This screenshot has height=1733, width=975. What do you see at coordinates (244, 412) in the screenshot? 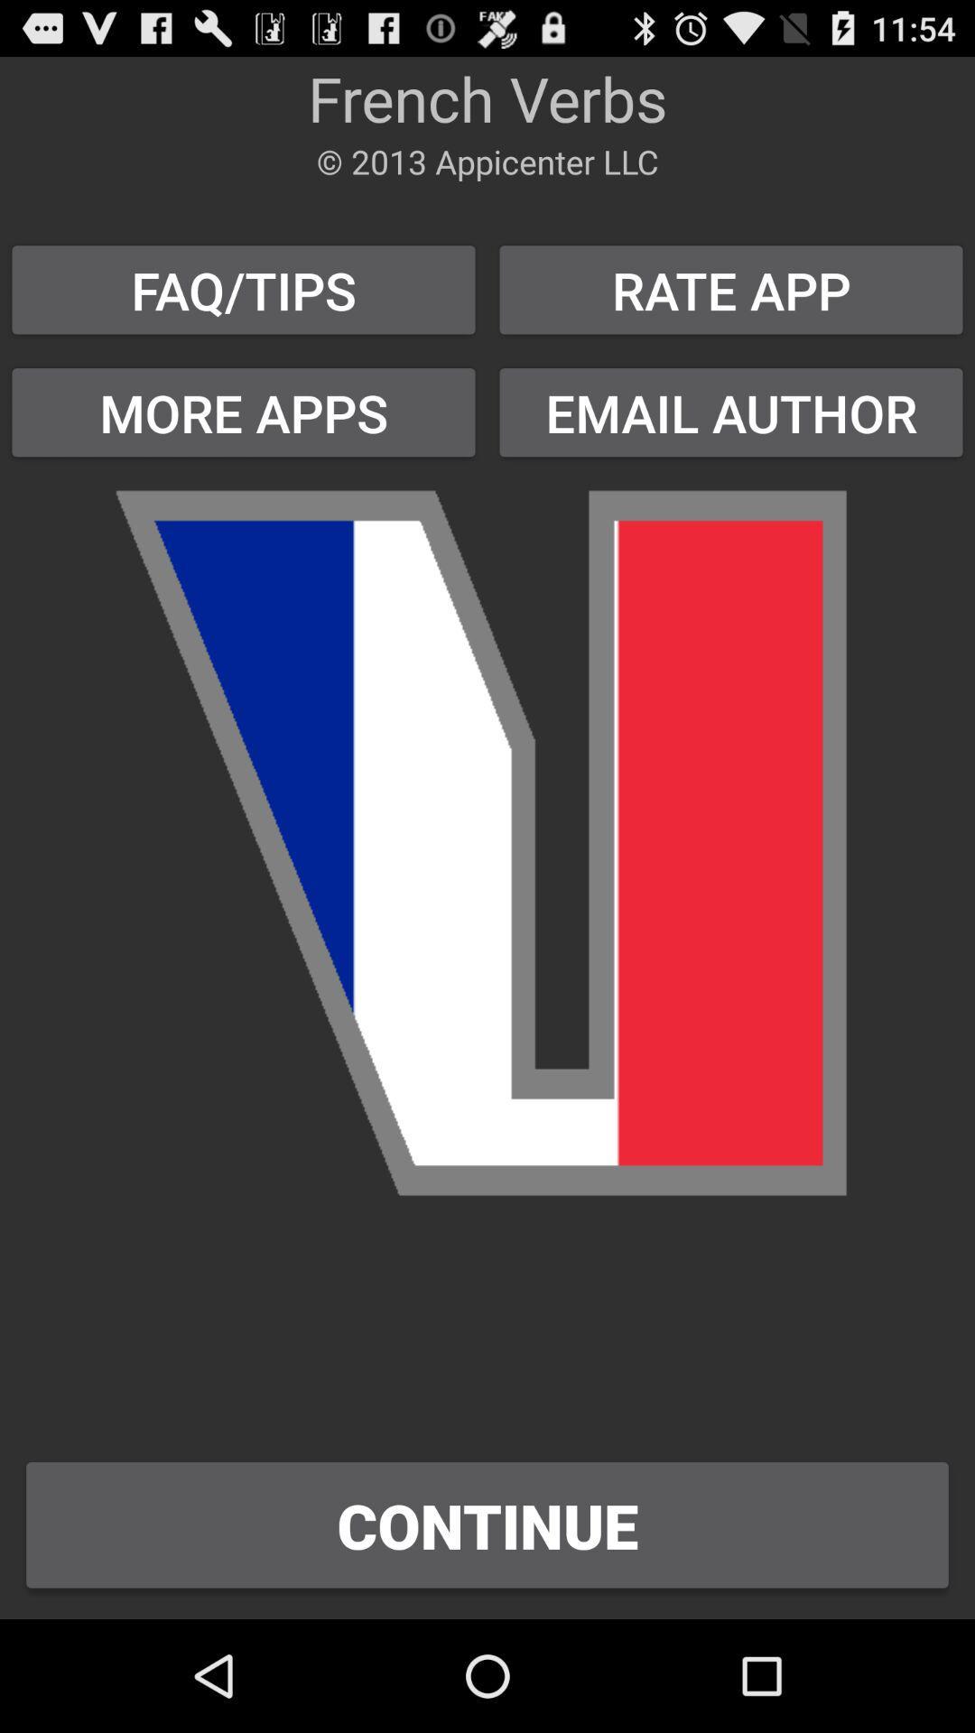
I see `the item to the left of the rate app button` at bounding box center [244, 412].